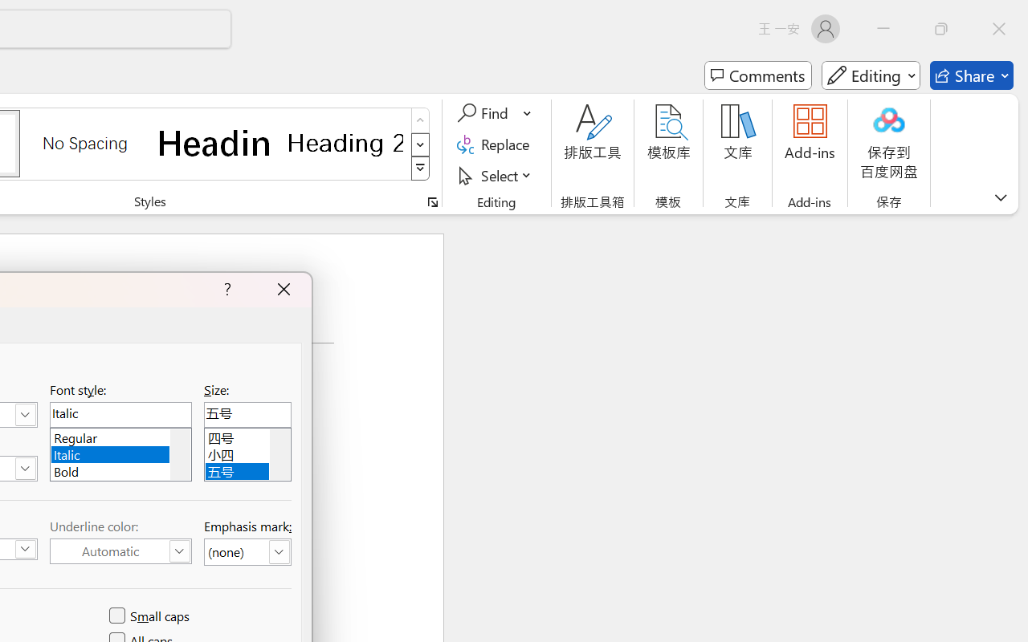 This screenshot has width=1028, height=642. Describe the element at coordinates (247, 552) in the screenshot. I see `'Emphasis mark:'` at that location.